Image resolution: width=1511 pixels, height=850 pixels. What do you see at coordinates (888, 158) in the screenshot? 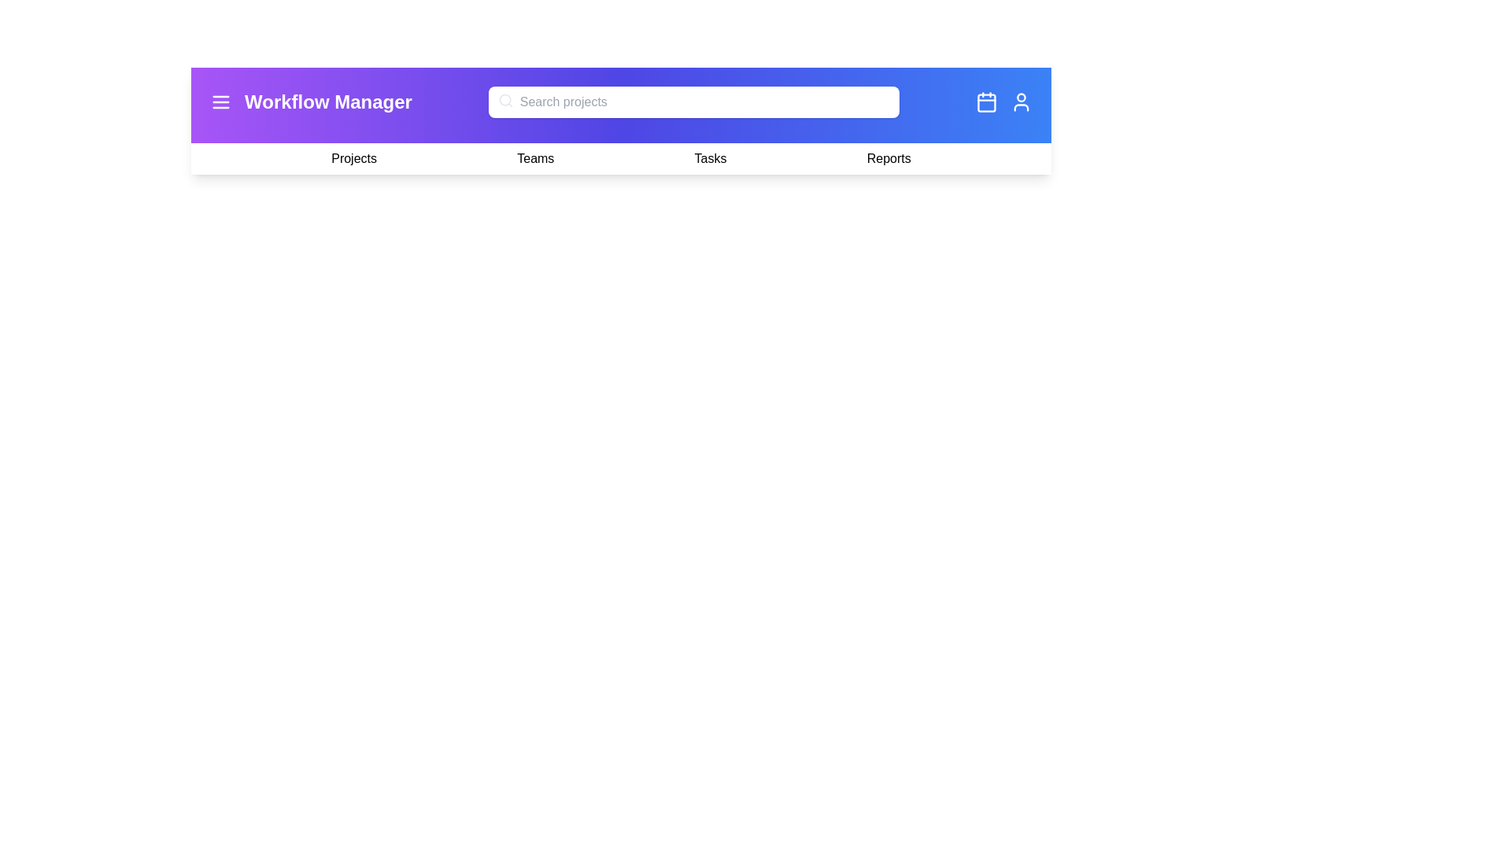
I see `the navigation link to navigate to the Reports section` at bounding box center [888, 158].